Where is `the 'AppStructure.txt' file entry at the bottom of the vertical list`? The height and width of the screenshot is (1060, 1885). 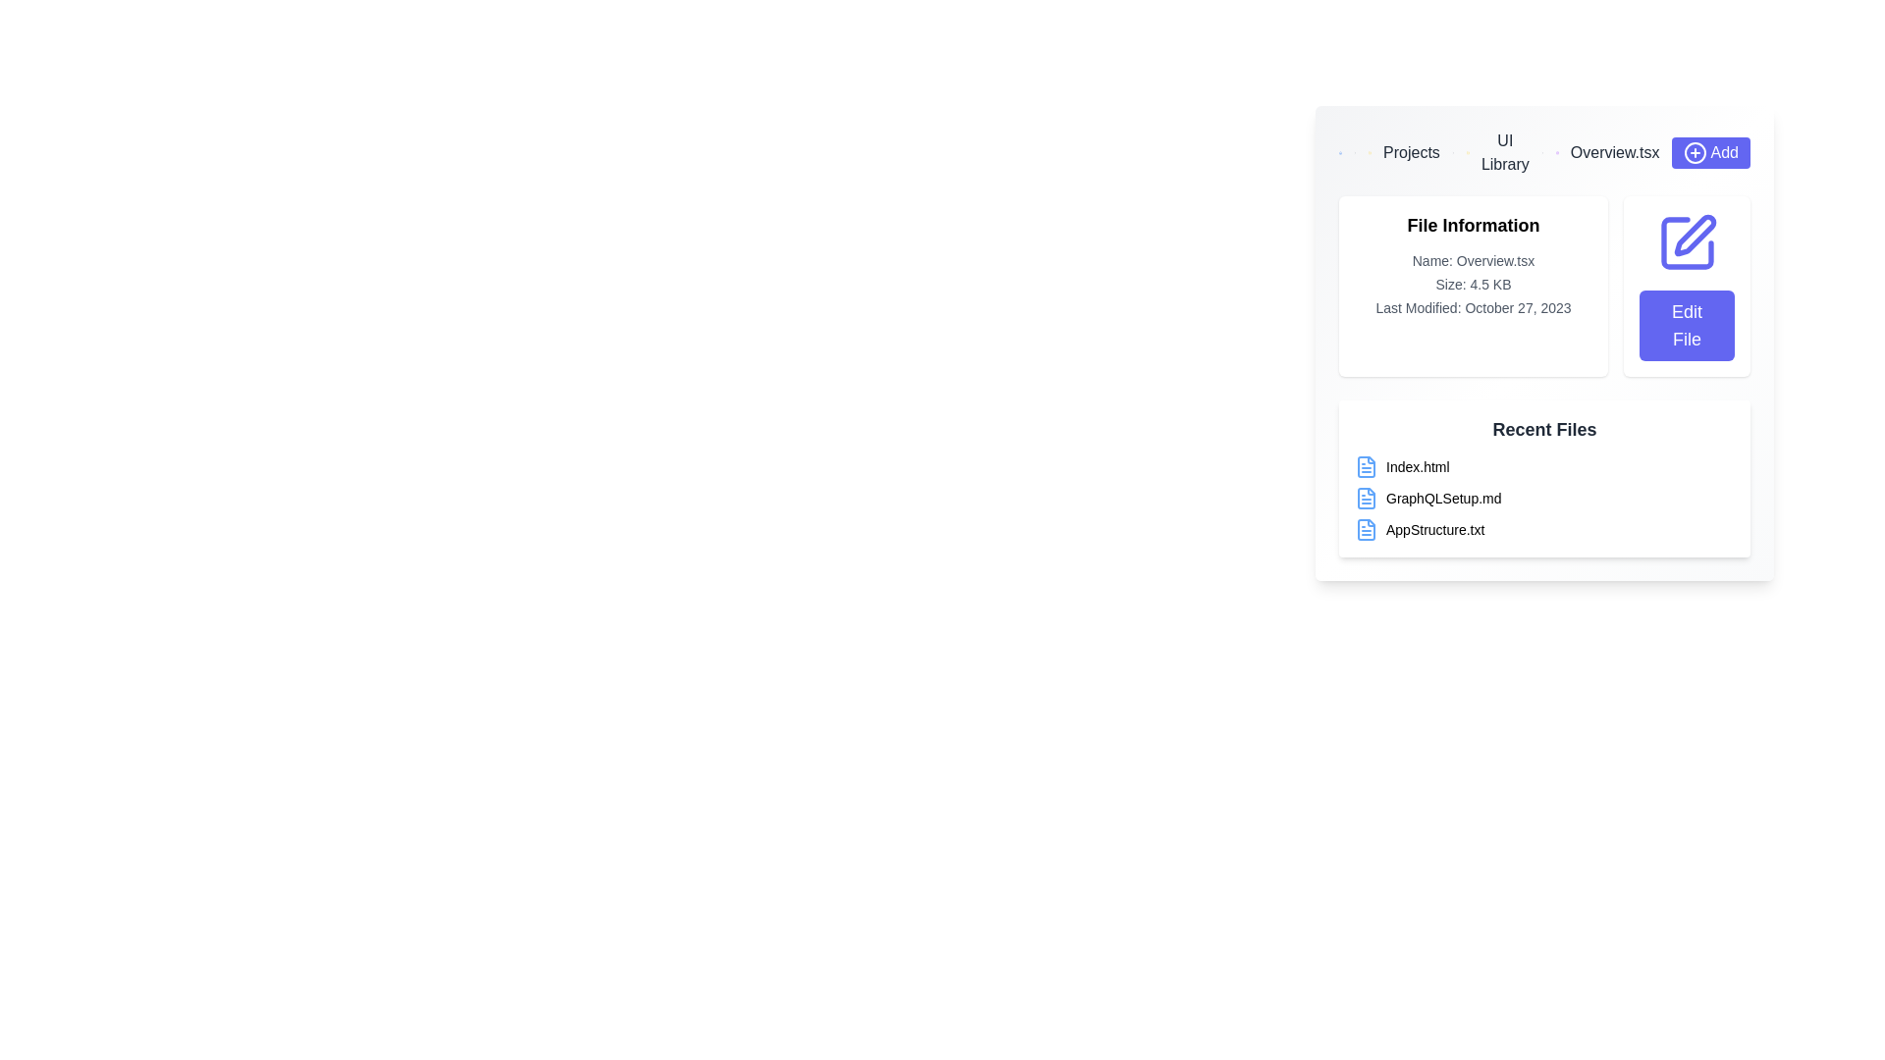
the 'AppStructure.txt' file entry at the bottom of the vertical list is located at coordinates (1543, 530).